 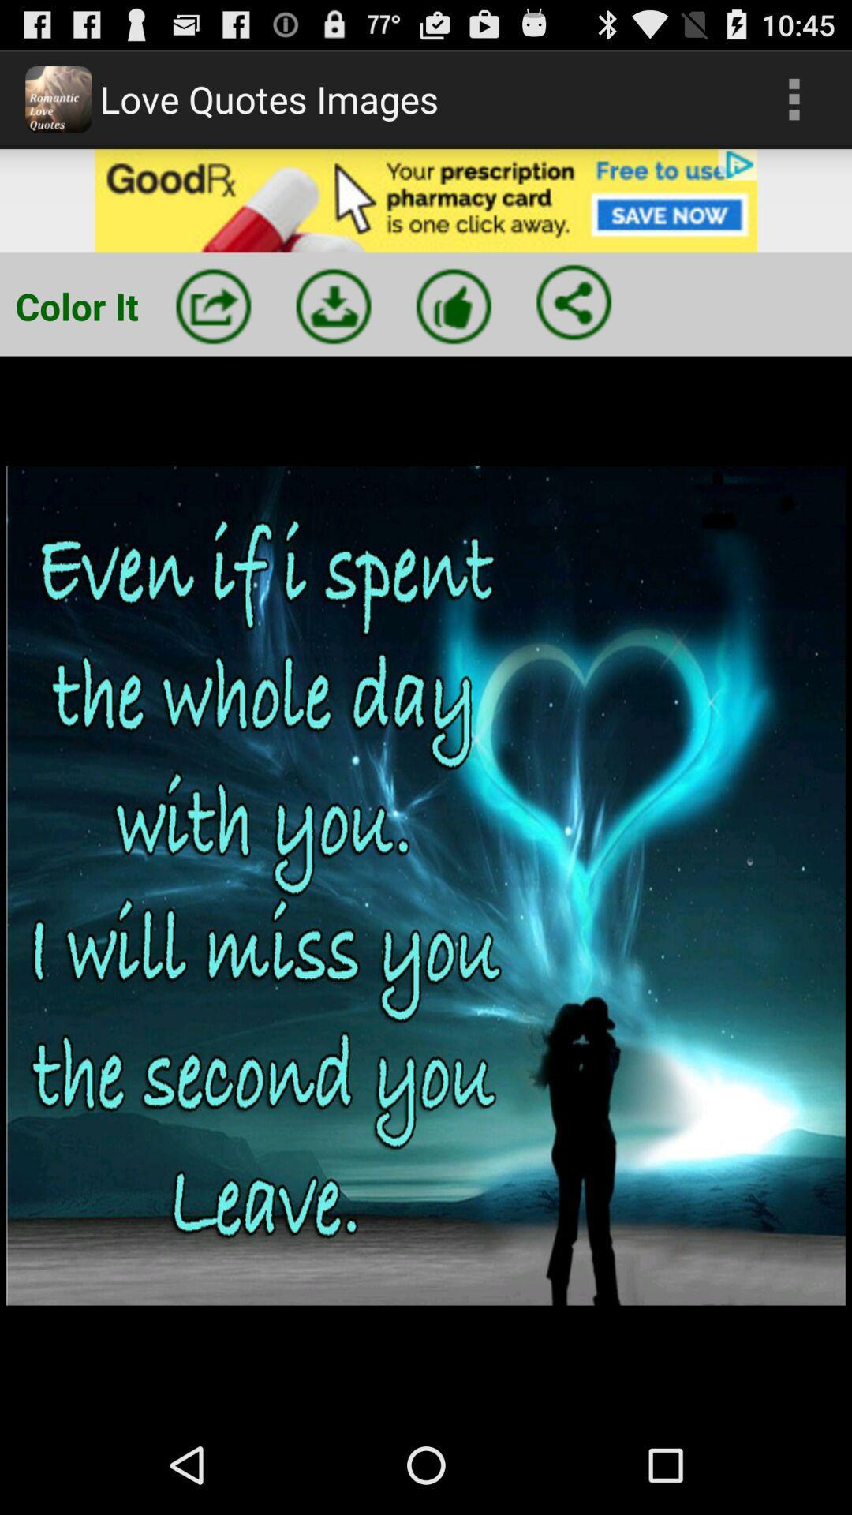 What do you see at coordinates (454, 306) in the screenshot?
I see `indicate like` at bounding box center [454, 306].